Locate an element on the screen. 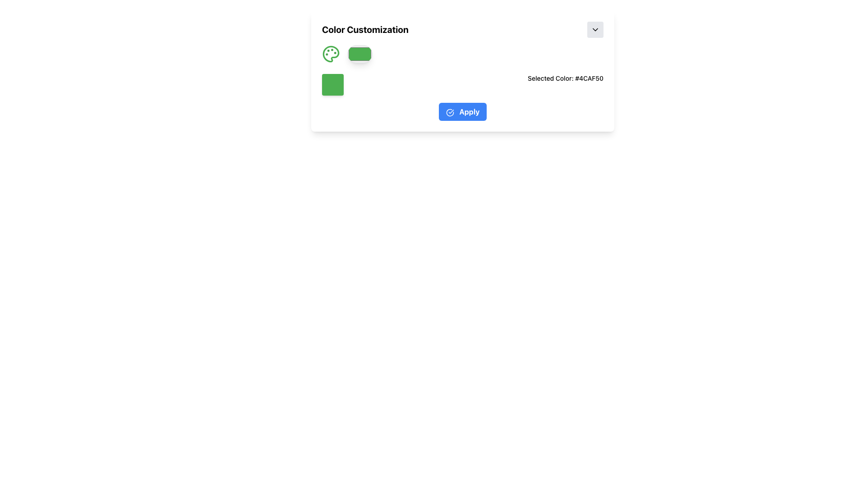 This screenshot has height=487, width=866. the downward-pointing arrow icon located in the upper-right corner of the Color Customization panel, which expands or displays additional options related to color customization is located at coordinates (595, 29).